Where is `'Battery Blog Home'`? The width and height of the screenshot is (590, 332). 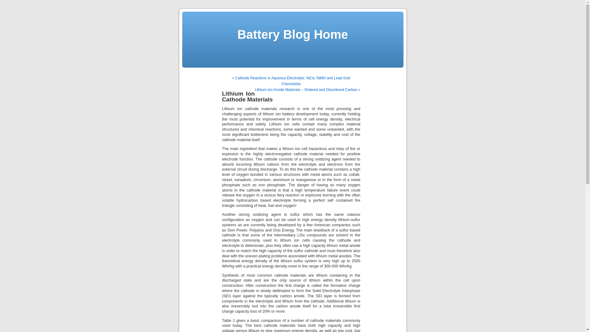 'Battery Blog Home' is located at coordinates (292, 34).